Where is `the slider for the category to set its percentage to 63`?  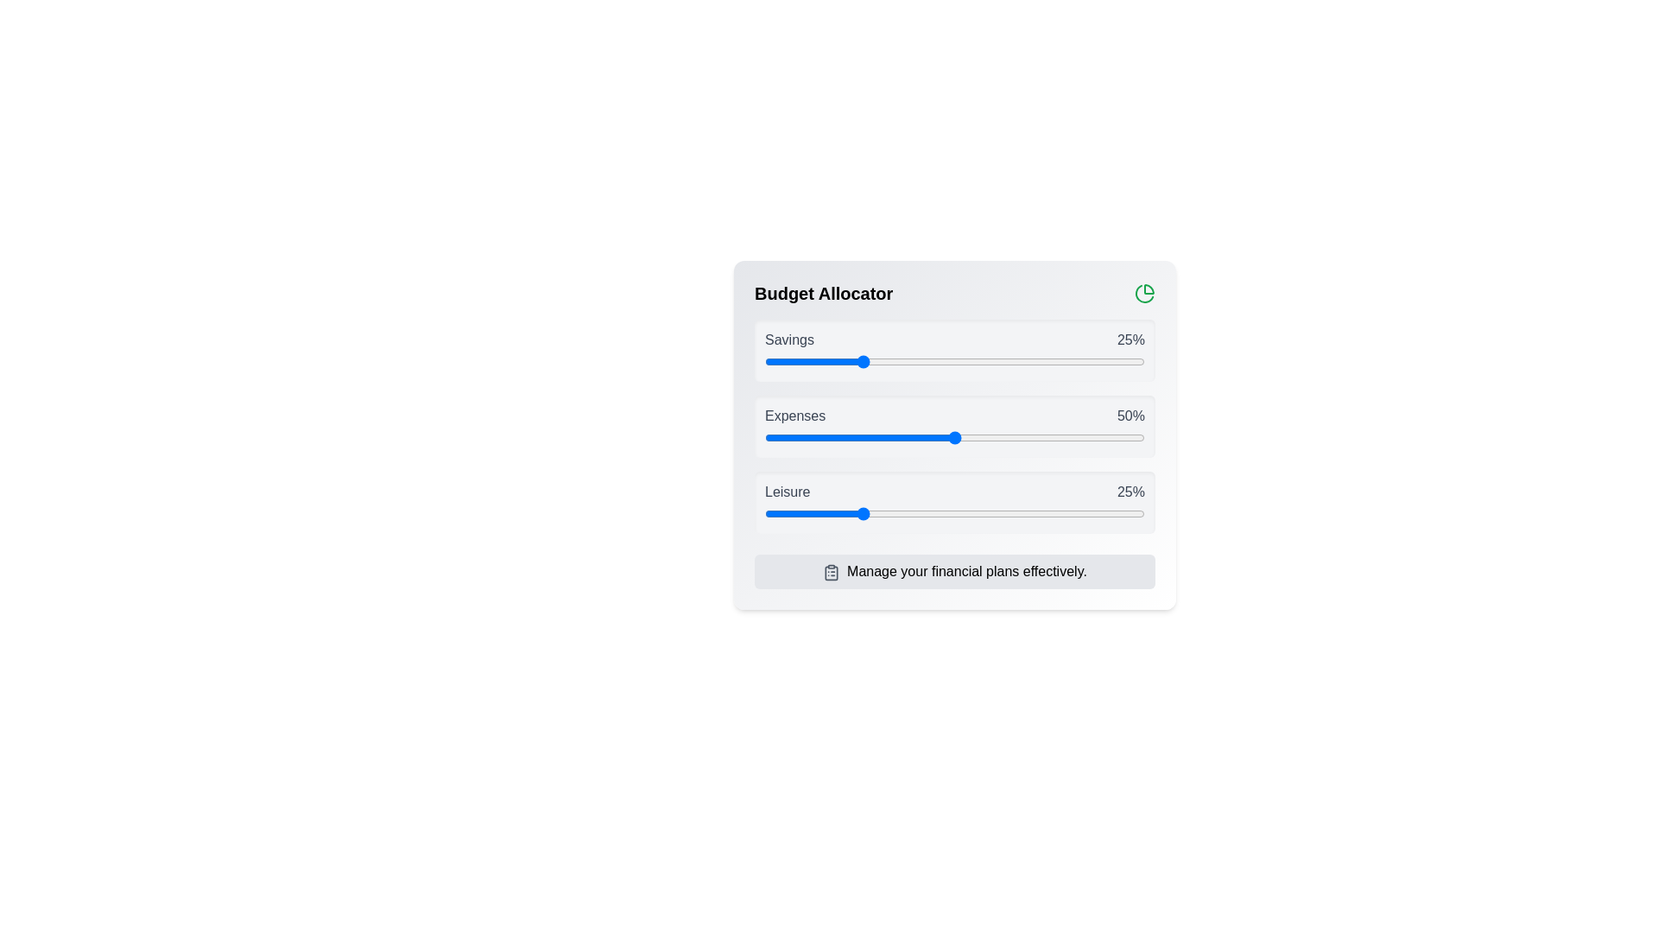 the slider for the category to set its percentage to 63 is located at coordinates (1004, 361).